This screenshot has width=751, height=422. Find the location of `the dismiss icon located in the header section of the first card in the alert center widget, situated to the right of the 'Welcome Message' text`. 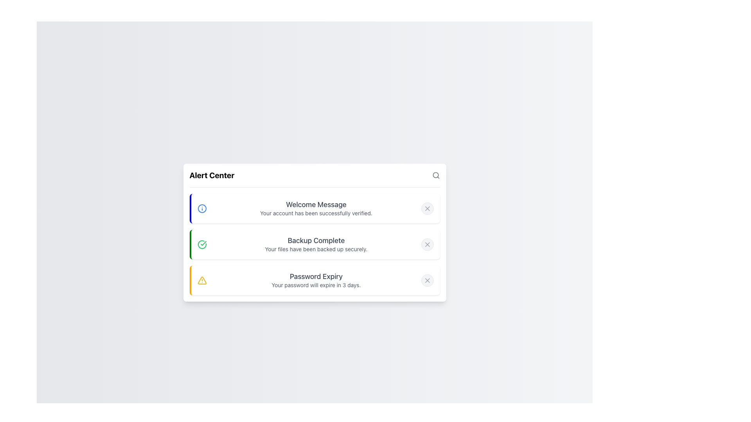

the dismiss icon located in the header section of the first card in the alert center widget, situated to the right of the 'Welcome Message' text is located at coordinates (427, 208).